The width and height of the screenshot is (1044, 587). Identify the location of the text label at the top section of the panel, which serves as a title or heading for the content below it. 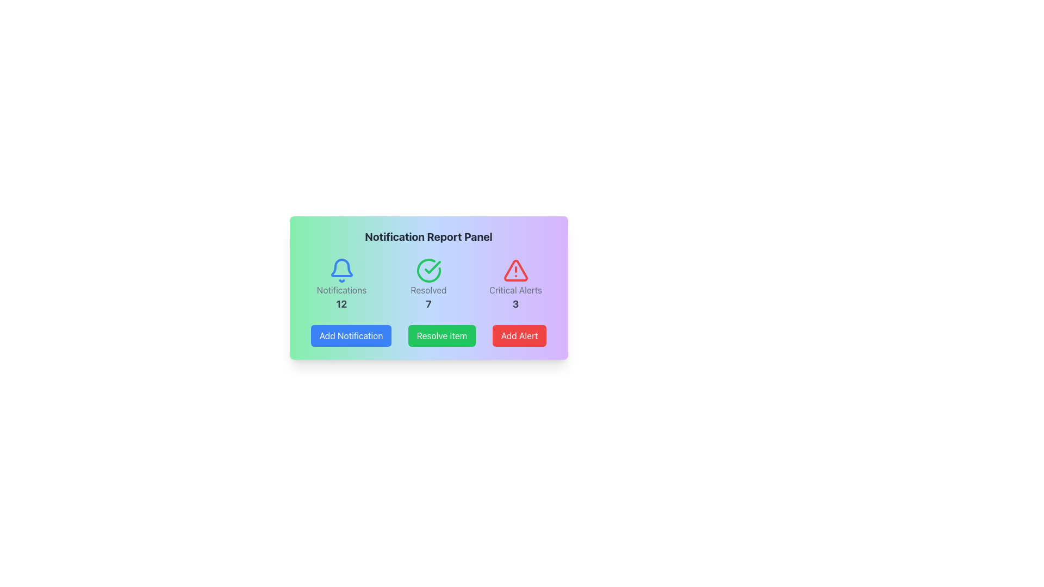
(428, 236).